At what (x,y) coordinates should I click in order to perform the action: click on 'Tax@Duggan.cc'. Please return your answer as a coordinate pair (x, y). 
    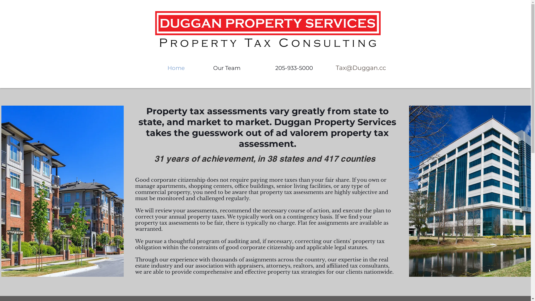
    Looking at the image, I should click on (328, 68).